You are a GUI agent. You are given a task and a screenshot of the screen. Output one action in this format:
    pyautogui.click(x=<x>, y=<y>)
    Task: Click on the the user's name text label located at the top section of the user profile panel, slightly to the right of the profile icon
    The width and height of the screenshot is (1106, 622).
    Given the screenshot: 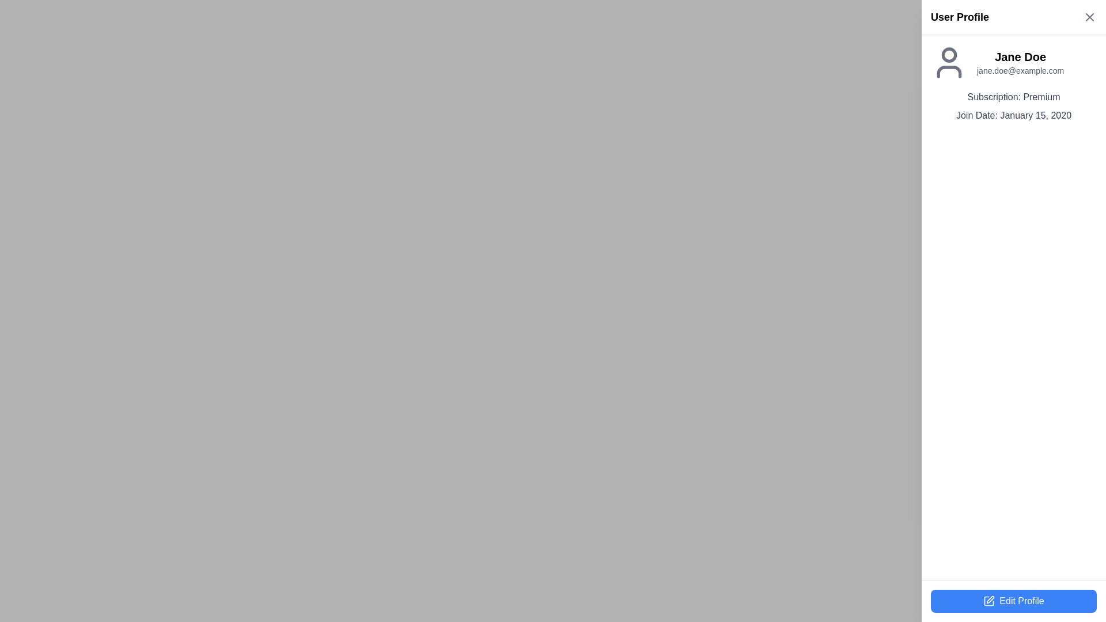 What is the action you would take?
    pyautogui.click(x=1020, y=57)
    